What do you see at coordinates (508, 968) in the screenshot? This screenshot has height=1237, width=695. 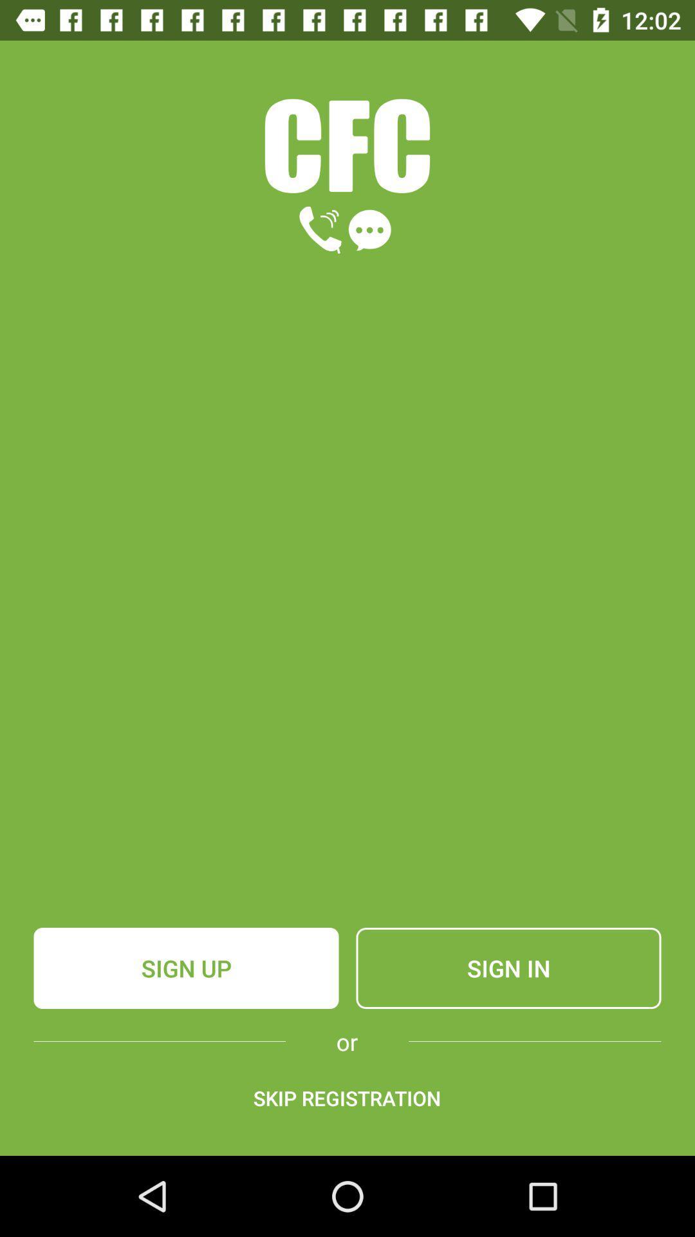 I see `the sign in` at bounding box center [508, 968].